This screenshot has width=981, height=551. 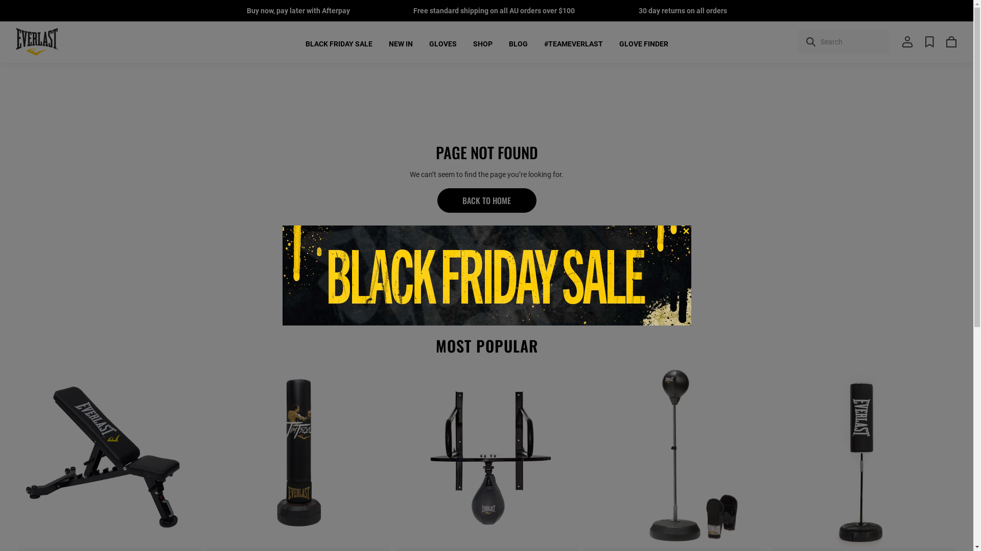 What do you see at coordinates (486, 345) in the screenshot?
I see `'MOST POPULAR'` at bounding box center [486, 345].